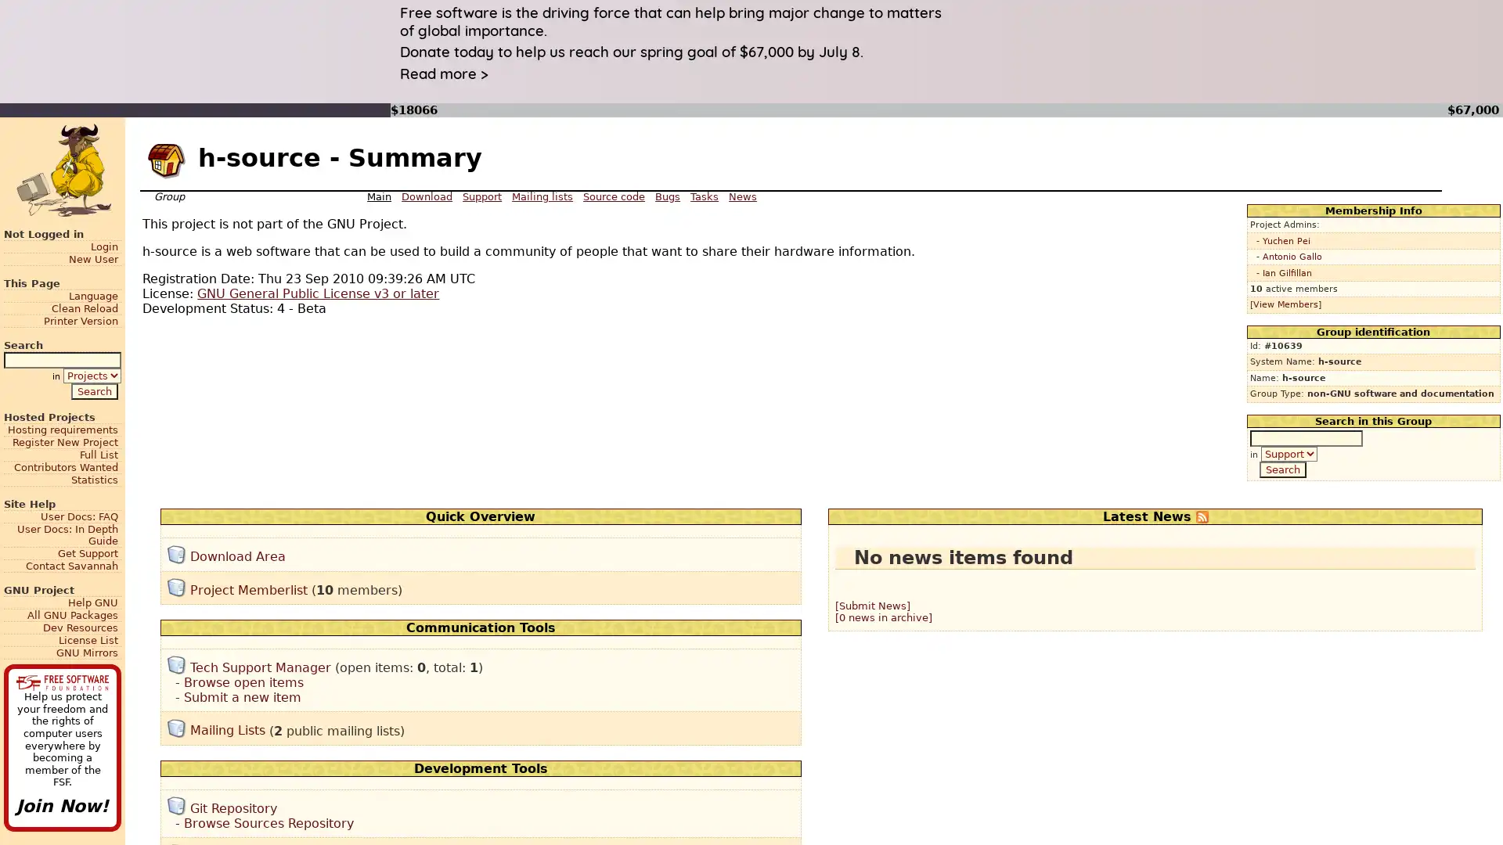 Image resolution: width=1503 pixels, height=845 pixels. I want to click on Search, so click(1281, 468).